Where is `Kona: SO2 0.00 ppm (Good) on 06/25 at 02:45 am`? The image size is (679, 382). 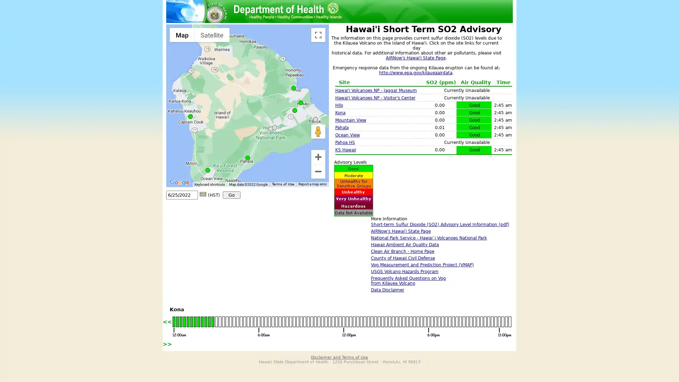
Kona: SO2 0.00 ppm (Good) on 06/25 at 02:45 am is located at coordinates (190, 116).